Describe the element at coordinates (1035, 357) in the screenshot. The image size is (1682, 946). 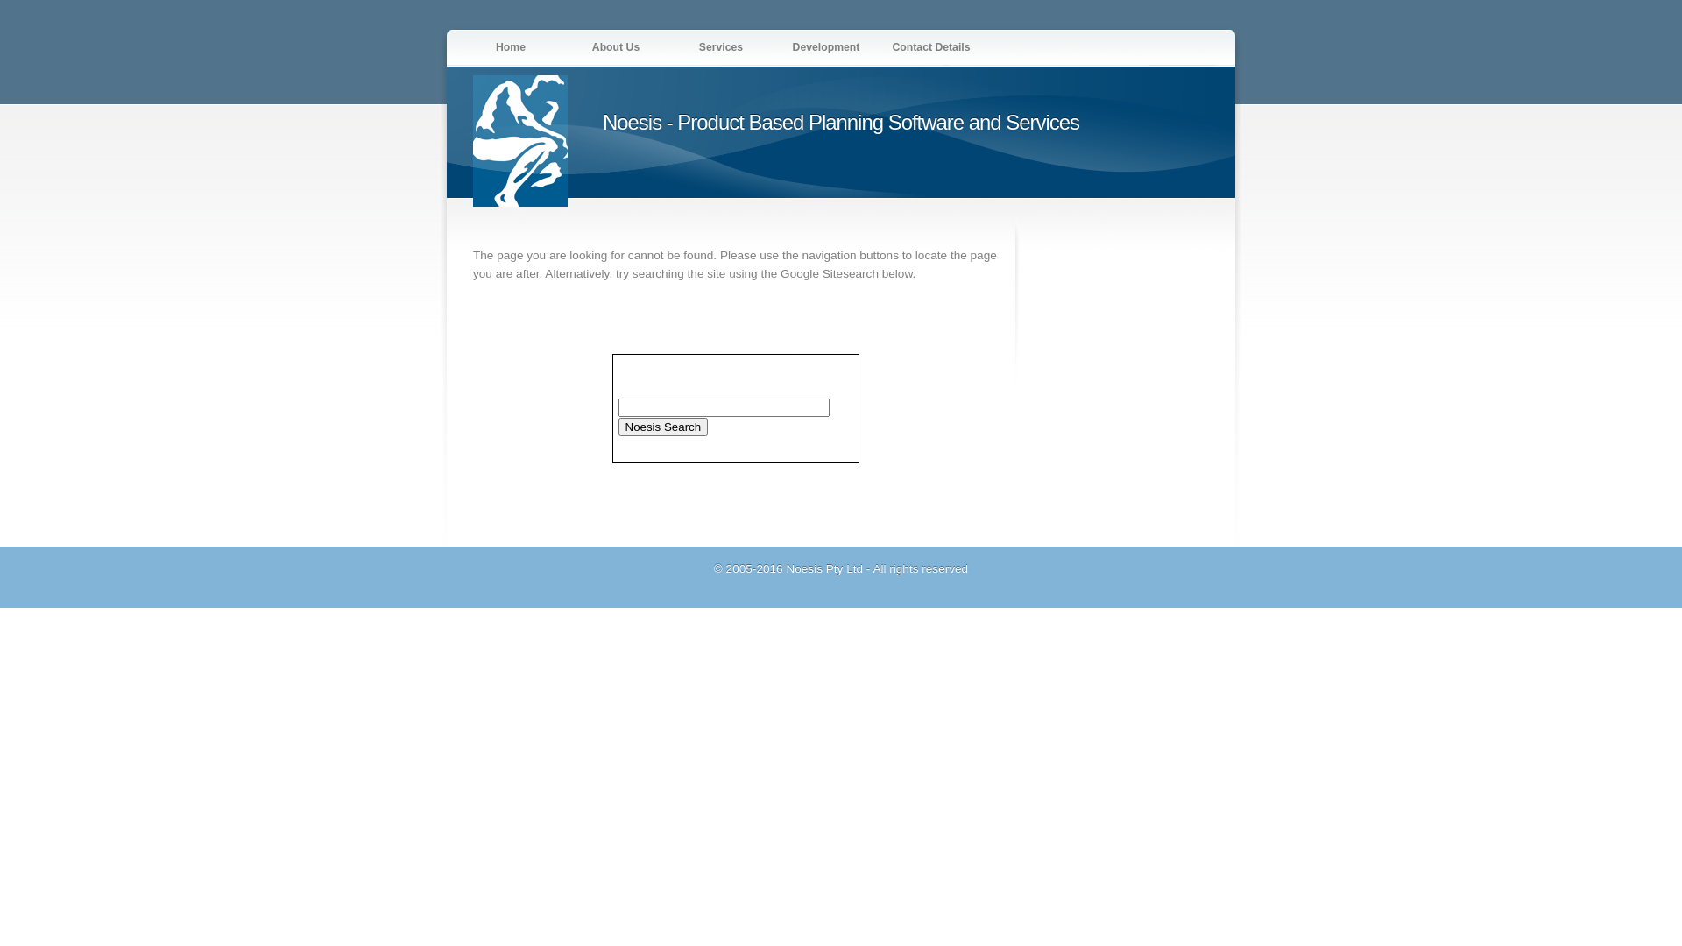
I see `'Advertisement'` at that location.